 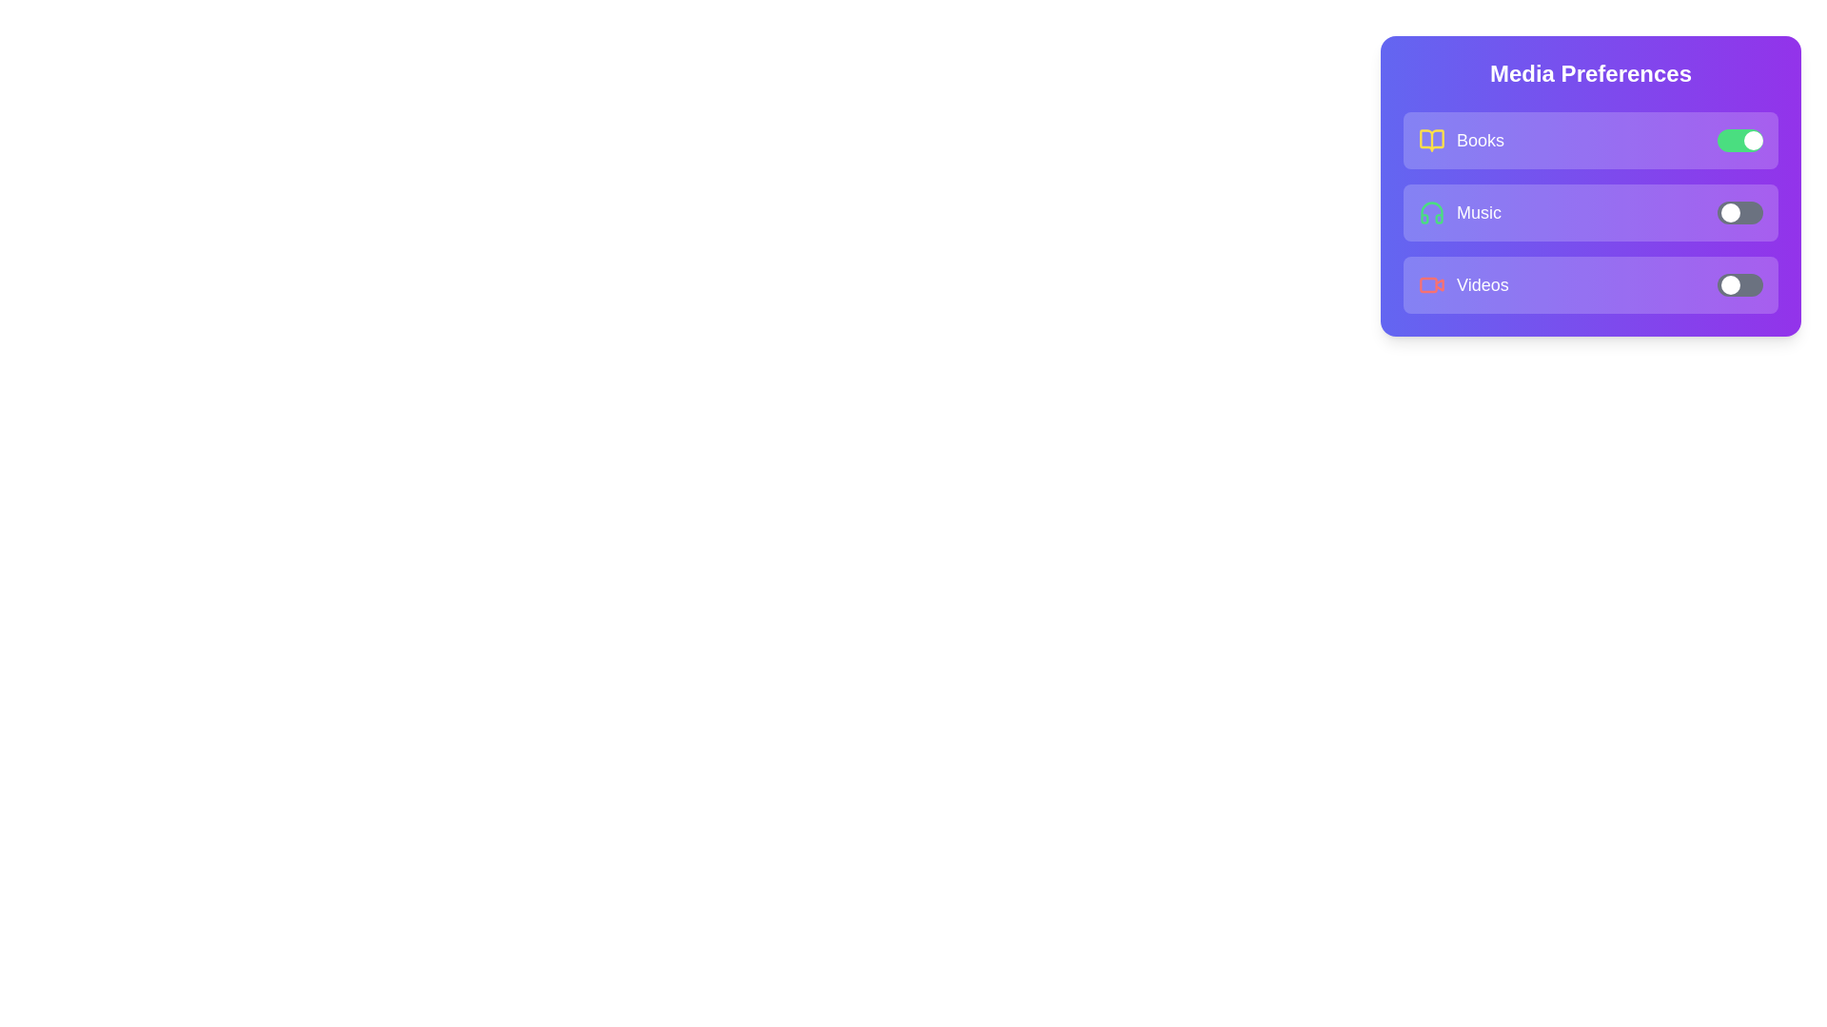 What do you see at coordinates (1463, 285) in the screenshot?
I see `label text of the 'Videos' category, which is represented by a Label with Icon positioned below 'Music' and above a toggle switch in the 'Media Preferences' card` at bounding box center [1463, 285].